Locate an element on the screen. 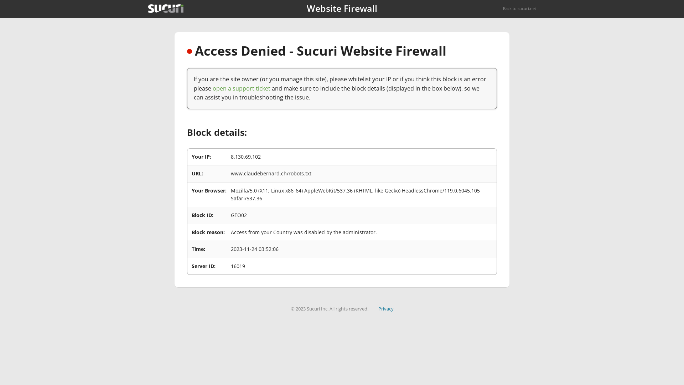 This screenshot has height=385, width=684. 'Privacy' is located at coordinates (385, 308).